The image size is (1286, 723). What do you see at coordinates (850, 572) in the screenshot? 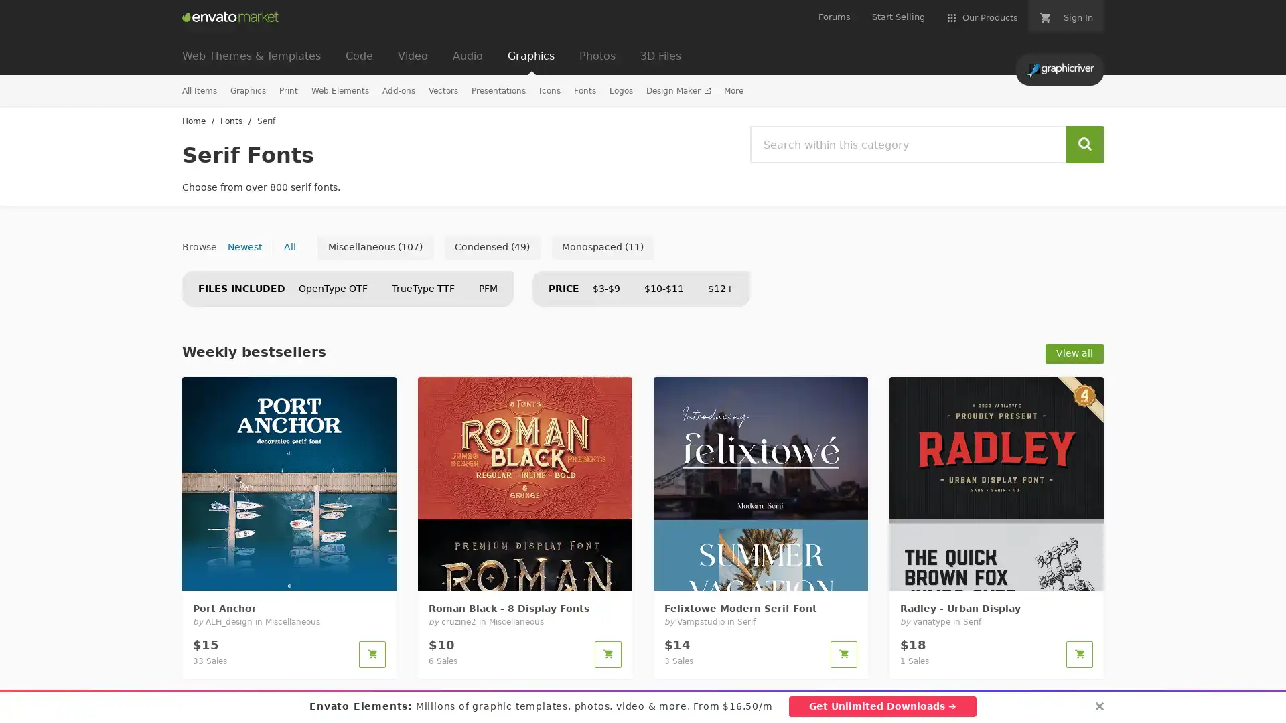
I see `Add to Favorites` at bounding box center [850, 572].